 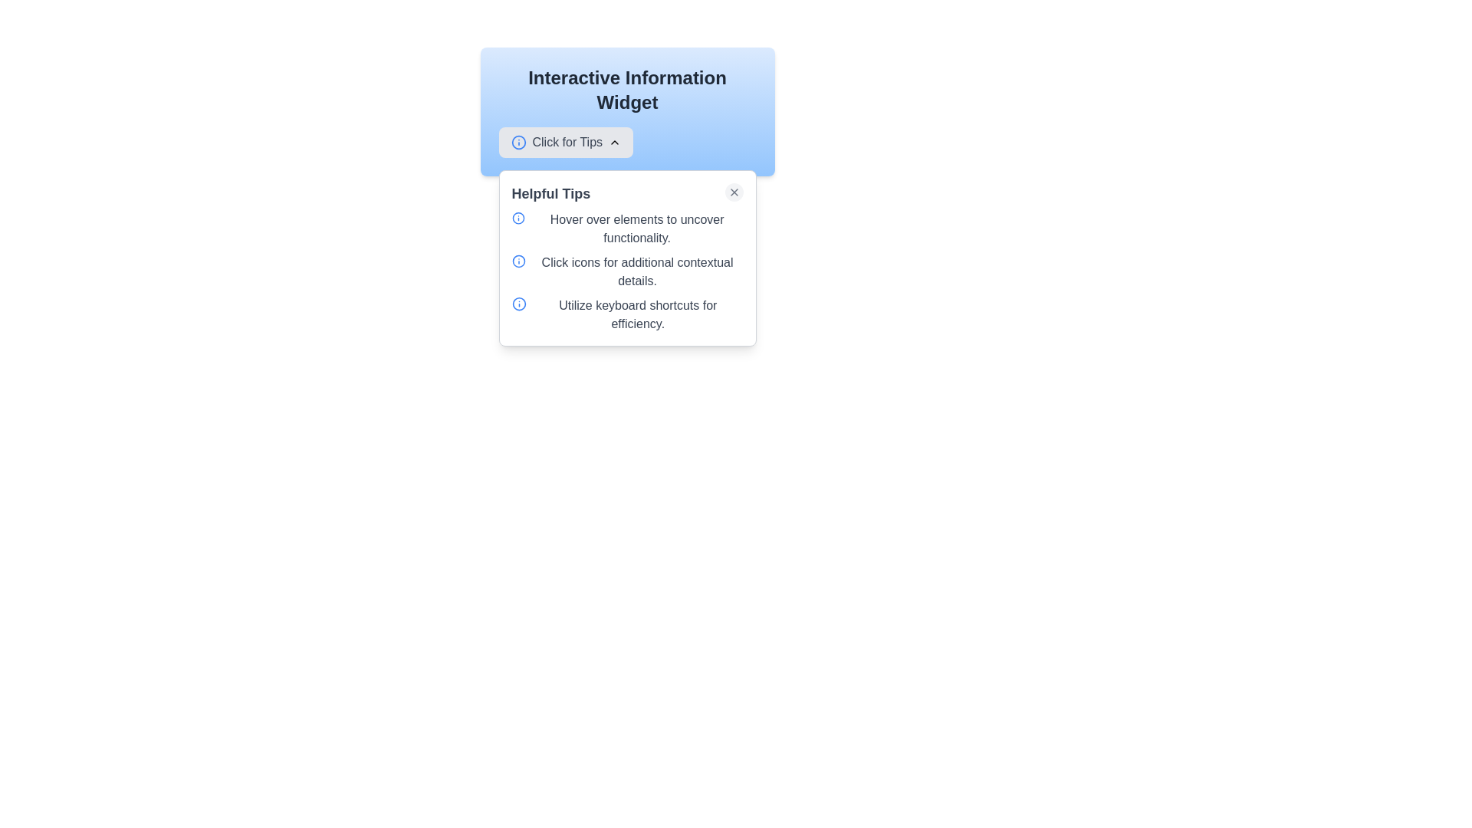 I want to click on the Text block containing the vertical instructions under the heading 'Helpful Tips', which is centrally located within the modal, so click(x=627, y=271).